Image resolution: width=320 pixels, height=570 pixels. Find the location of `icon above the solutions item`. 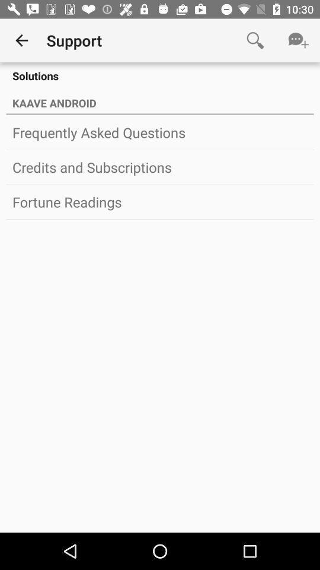

icon above the solutions item is located at coordinates (297, 40).